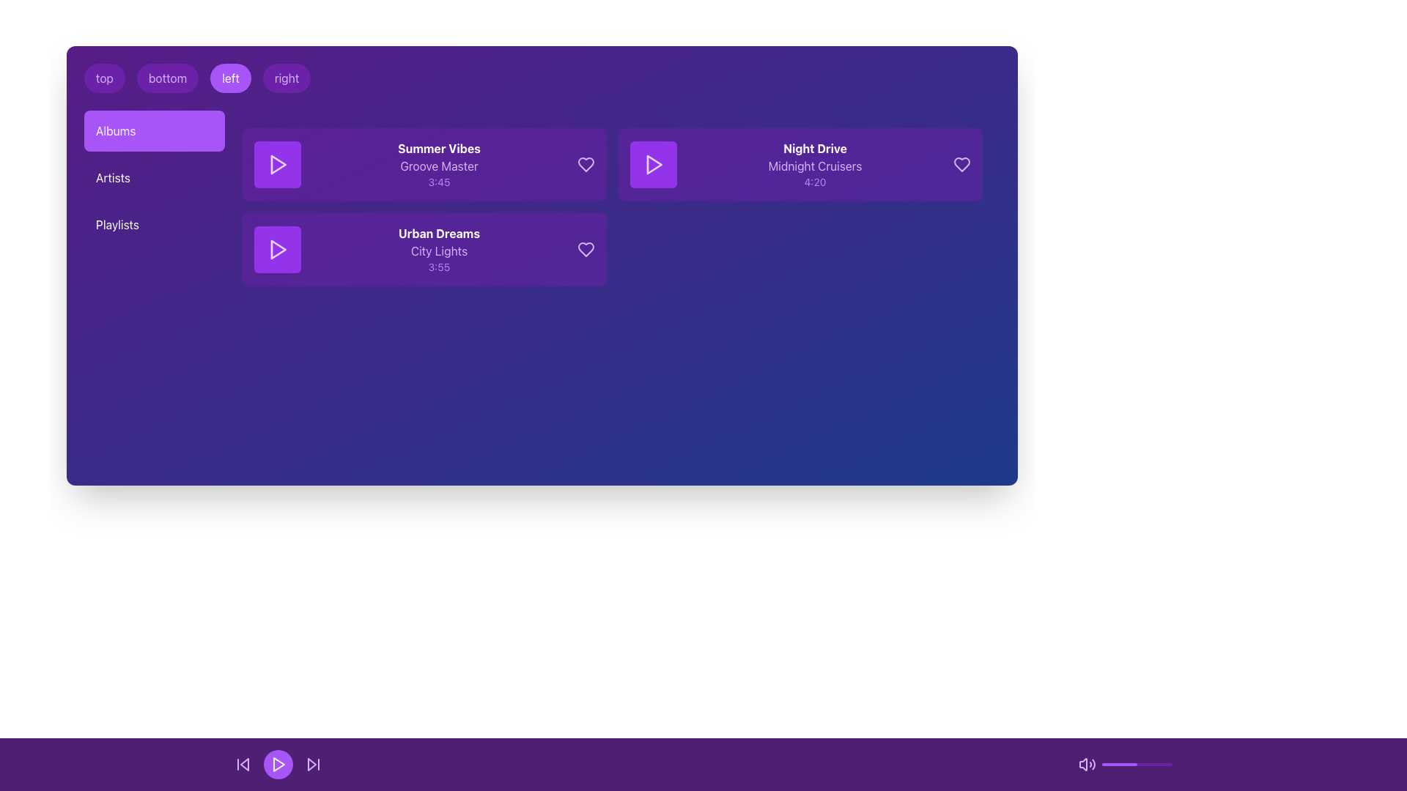 The height and width of the screenshot is (791, 1407). Describe the element at coordinates (230, 78) in the screenshot. I see `the 'left' button, which is the third button in a horizontal set of four buttons located near the top center of the interface` at that location.